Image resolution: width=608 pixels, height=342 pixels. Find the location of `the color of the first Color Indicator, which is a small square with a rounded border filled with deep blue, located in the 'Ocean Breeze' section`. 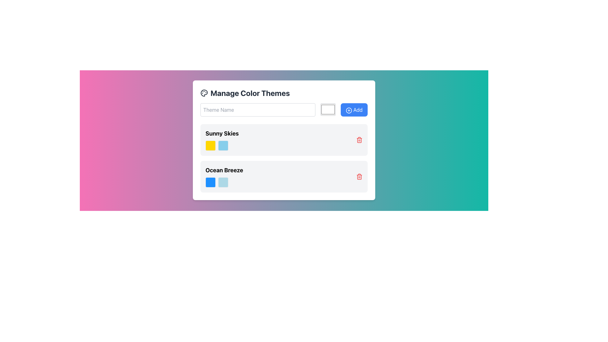

the color of the first Color Indicator, which is a small square with a rounded border filled with deep blue, located in the 'Ocean Breeze' section is located at coordinates (211, 182).